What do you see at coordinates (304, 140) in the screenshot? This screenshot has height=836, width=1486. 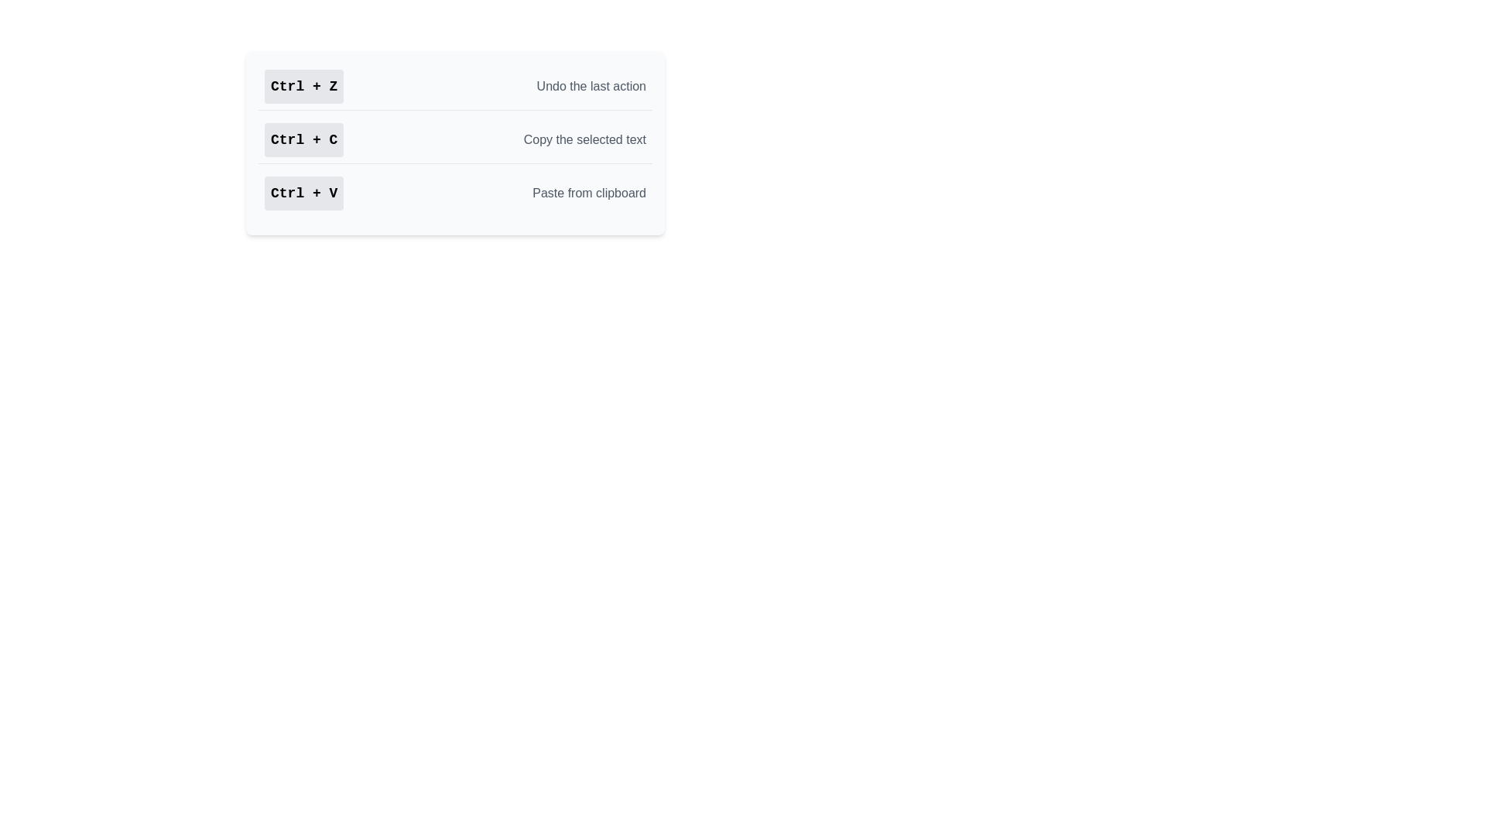 I see `the static informational label with the text 'Ctrl + C', which is a rectangular button with a light gray background and rounded corners, located in the second row of a list-like layout` at bounding box center [304, 140].